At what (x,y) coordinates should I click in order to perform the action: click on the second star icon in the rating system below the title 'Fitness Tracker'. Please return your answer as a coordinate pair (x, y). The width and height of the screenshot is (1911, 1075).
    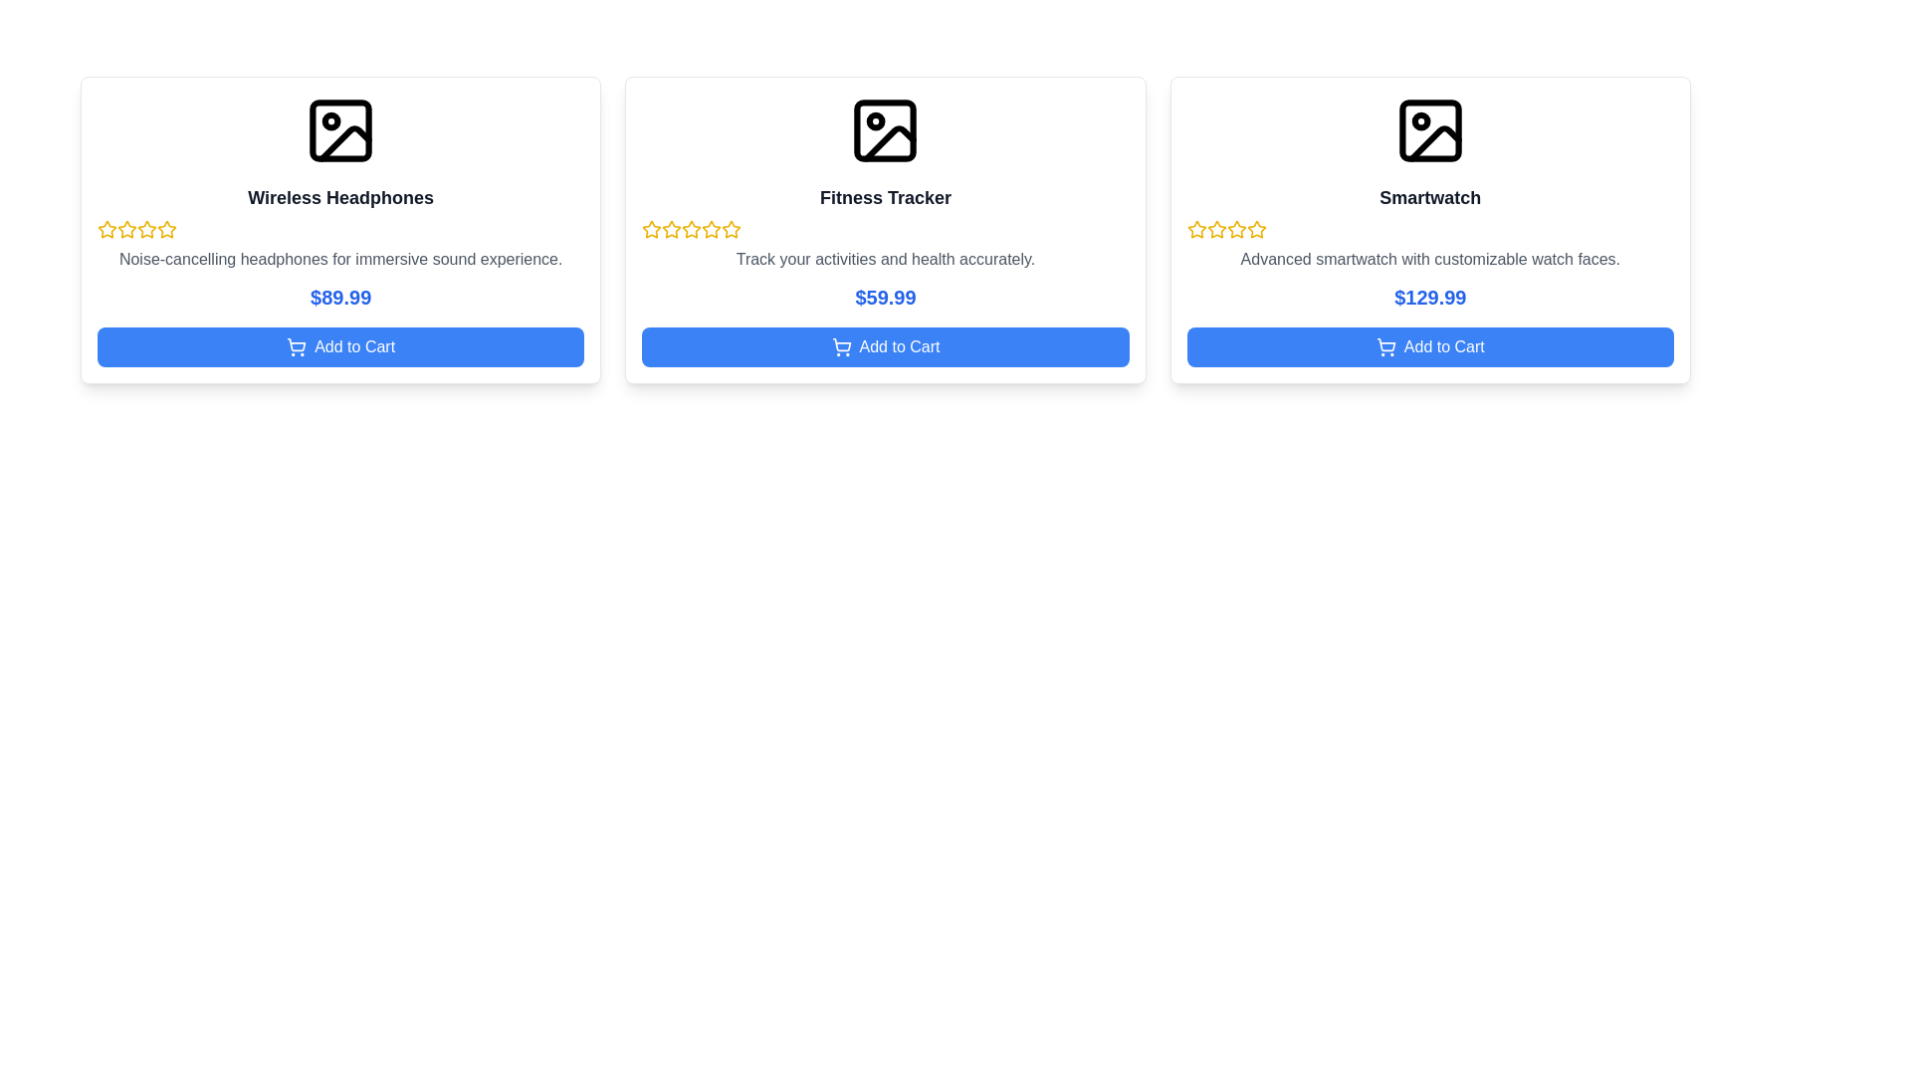
    Looking at the image, I should click on (672, 228).